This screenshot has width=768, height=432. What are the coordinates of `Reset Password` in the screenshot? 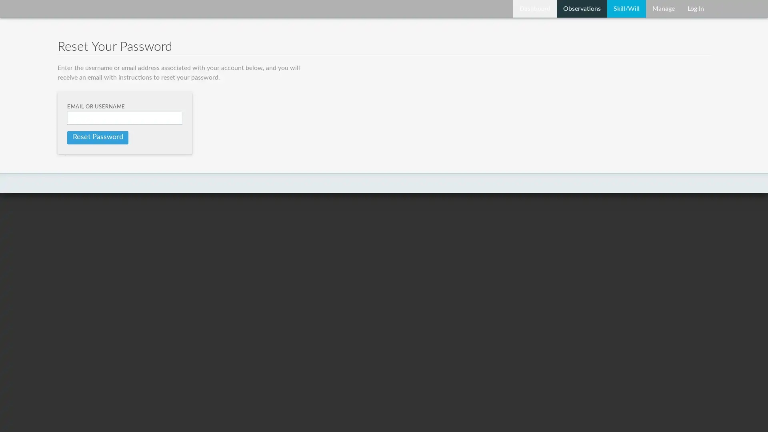 It's located at (97, 137).